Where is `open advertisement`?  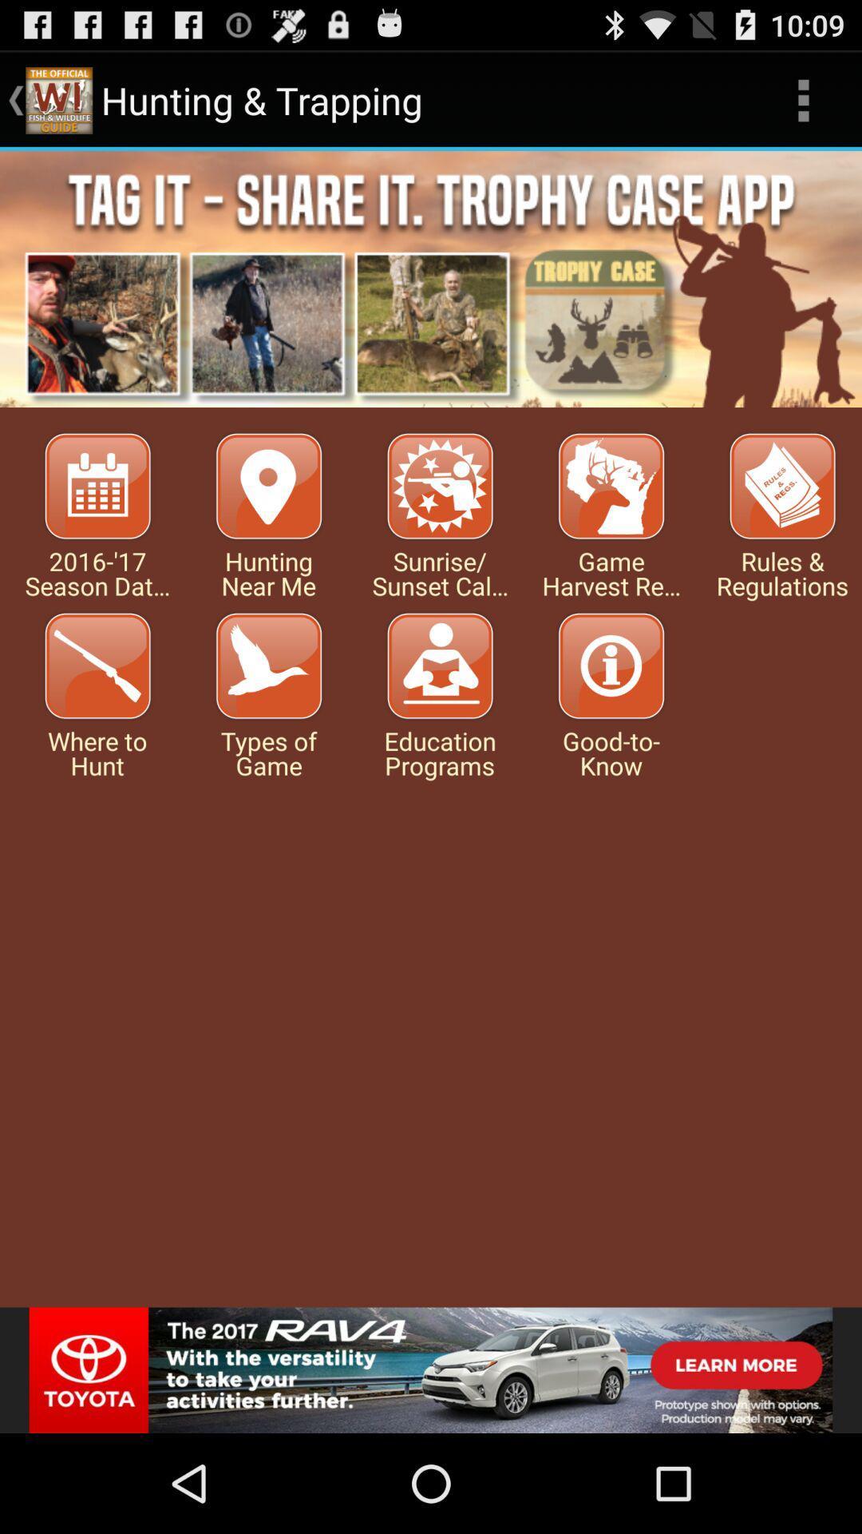 open advertisement is located at coordinates (431, 1369).